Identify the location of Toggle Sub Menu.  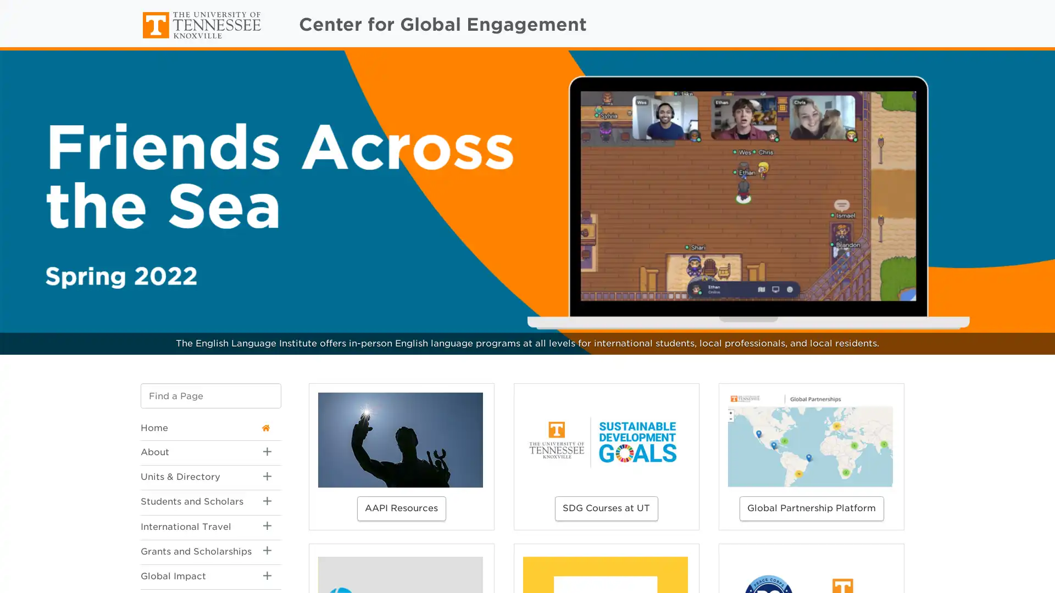
(154, 552).